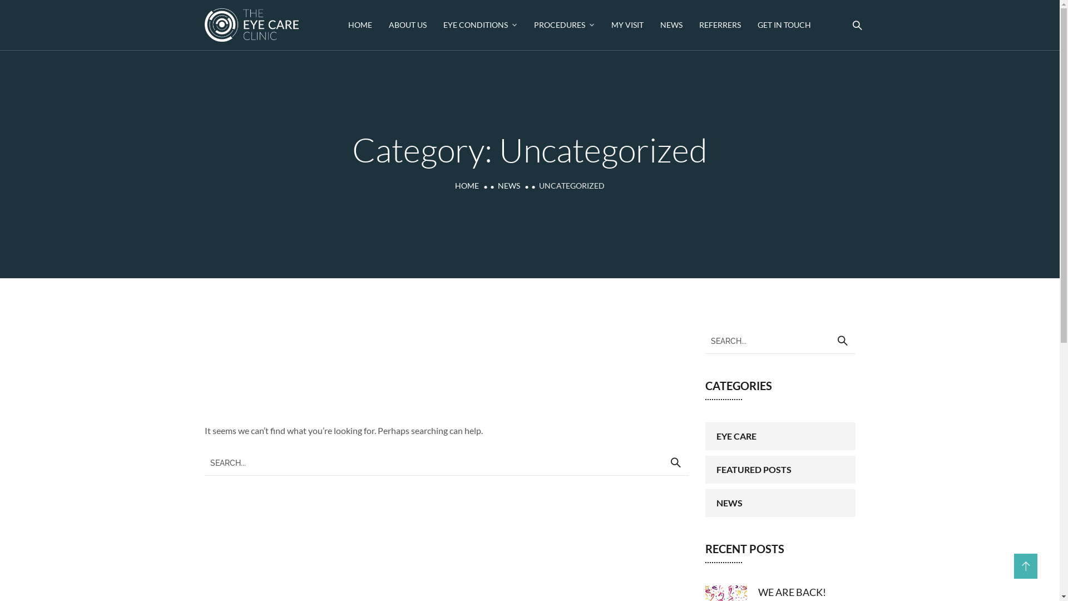 The width and height of the screenshot is (1068, 601). What do you see at coordinates (790, 592) in the screenshot?
I see `'WE ARE BACK!'` at bounding box center [790, 592].